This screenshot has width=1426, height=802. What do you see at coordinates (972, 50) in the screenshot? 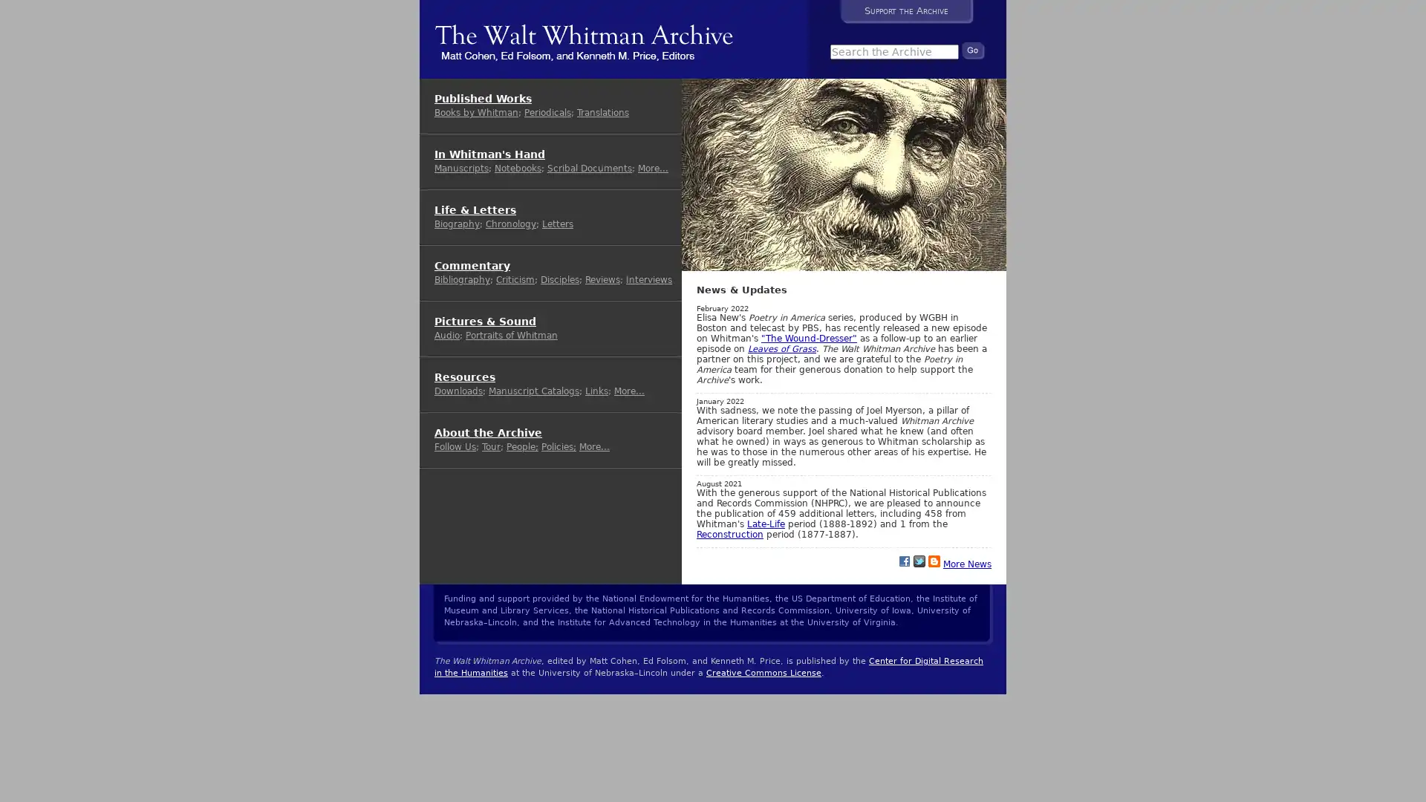
I see `Search` at bounding box center [972, 50].